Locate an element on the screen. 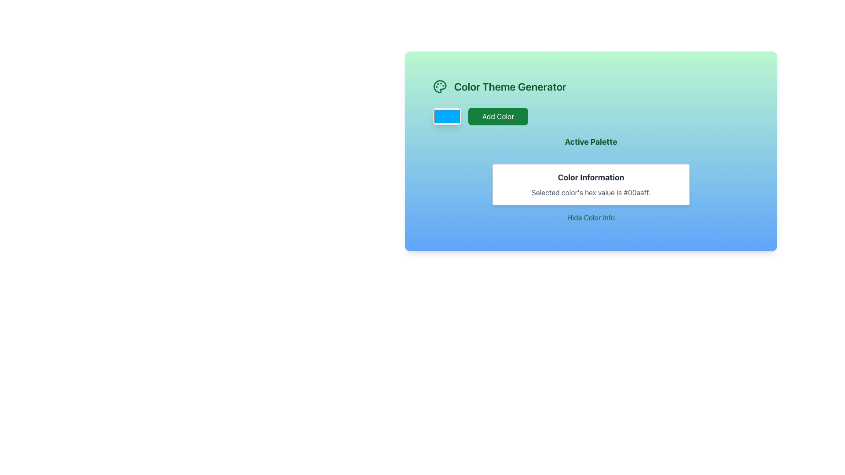 This screenshot has height=475, width=845. the 'Hide Color Info' text link, which is styled with an underline and green color, located below the 'Color Information' section is located at coordinates (591, 217).